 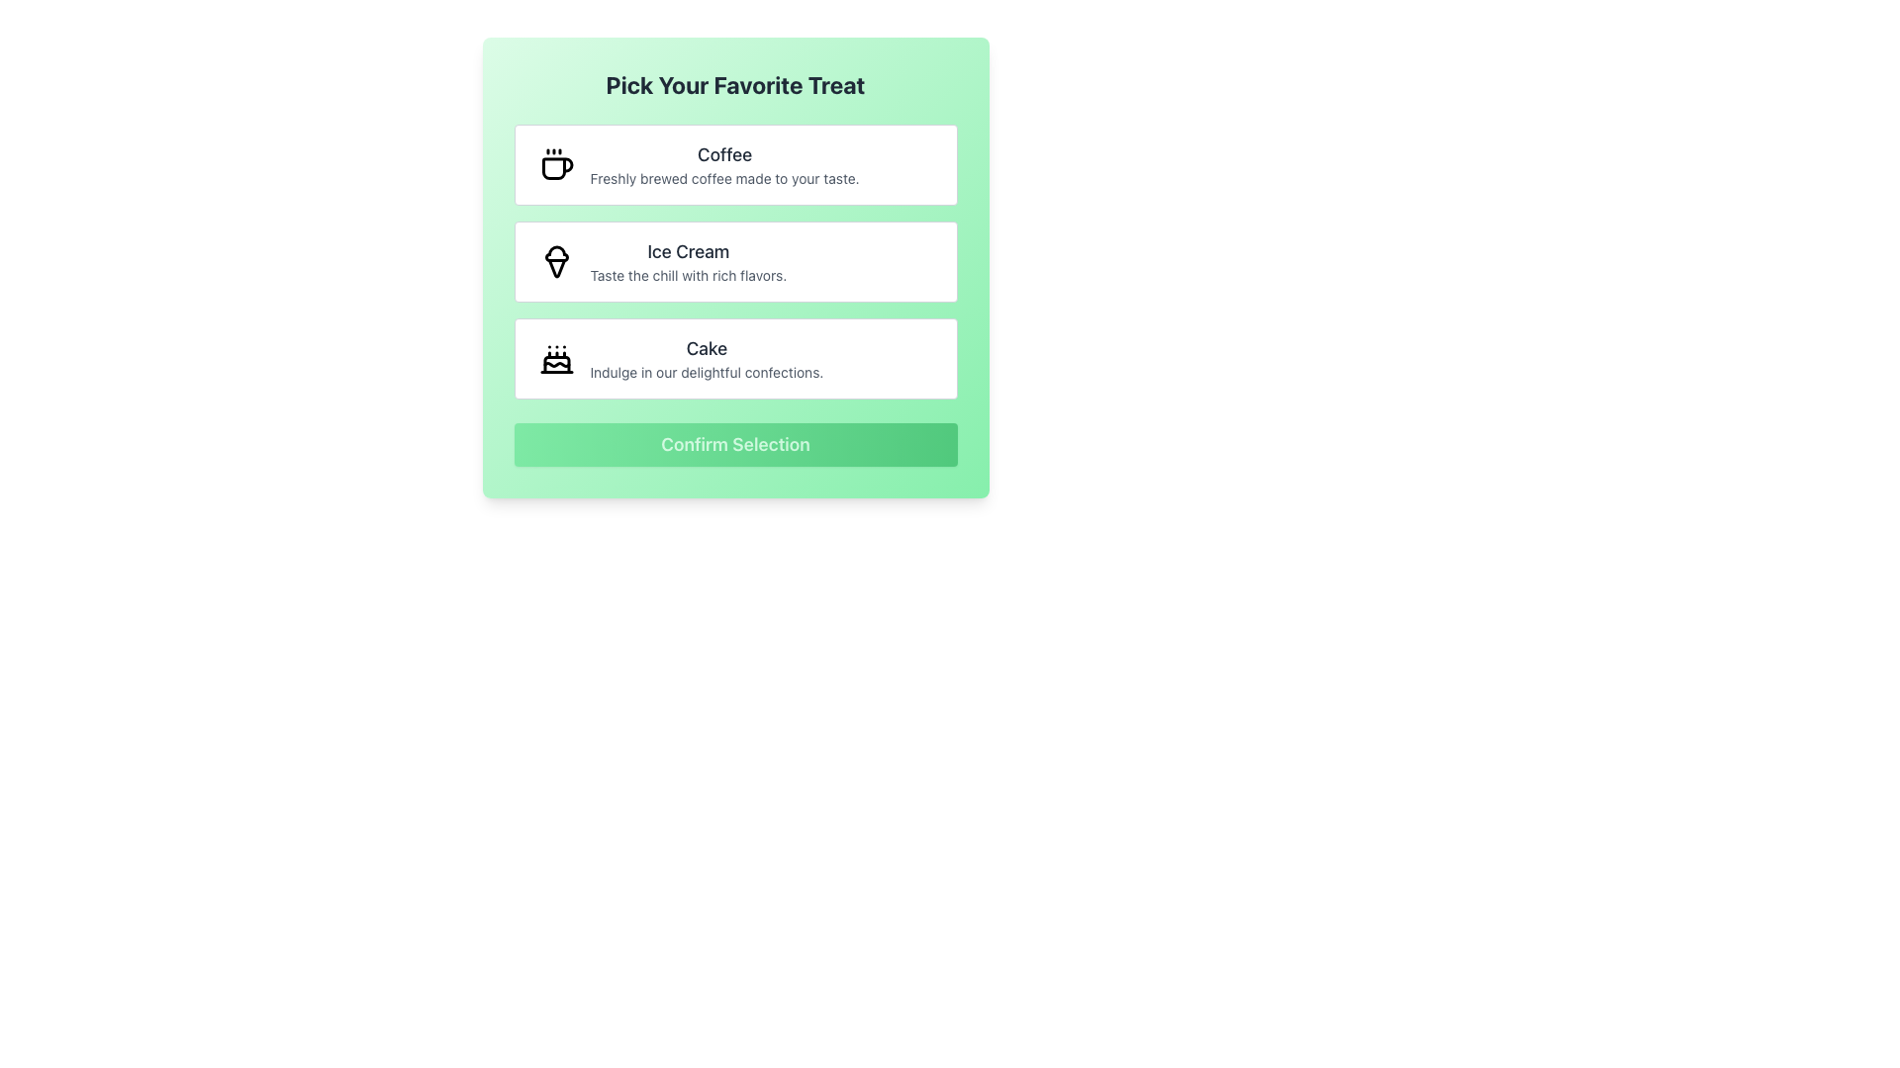 I want to click on the text label reading 'Indulge in our delightful confections.' which is positioned below the 'Cake' title in the list of options, so click(x=707, y=373).